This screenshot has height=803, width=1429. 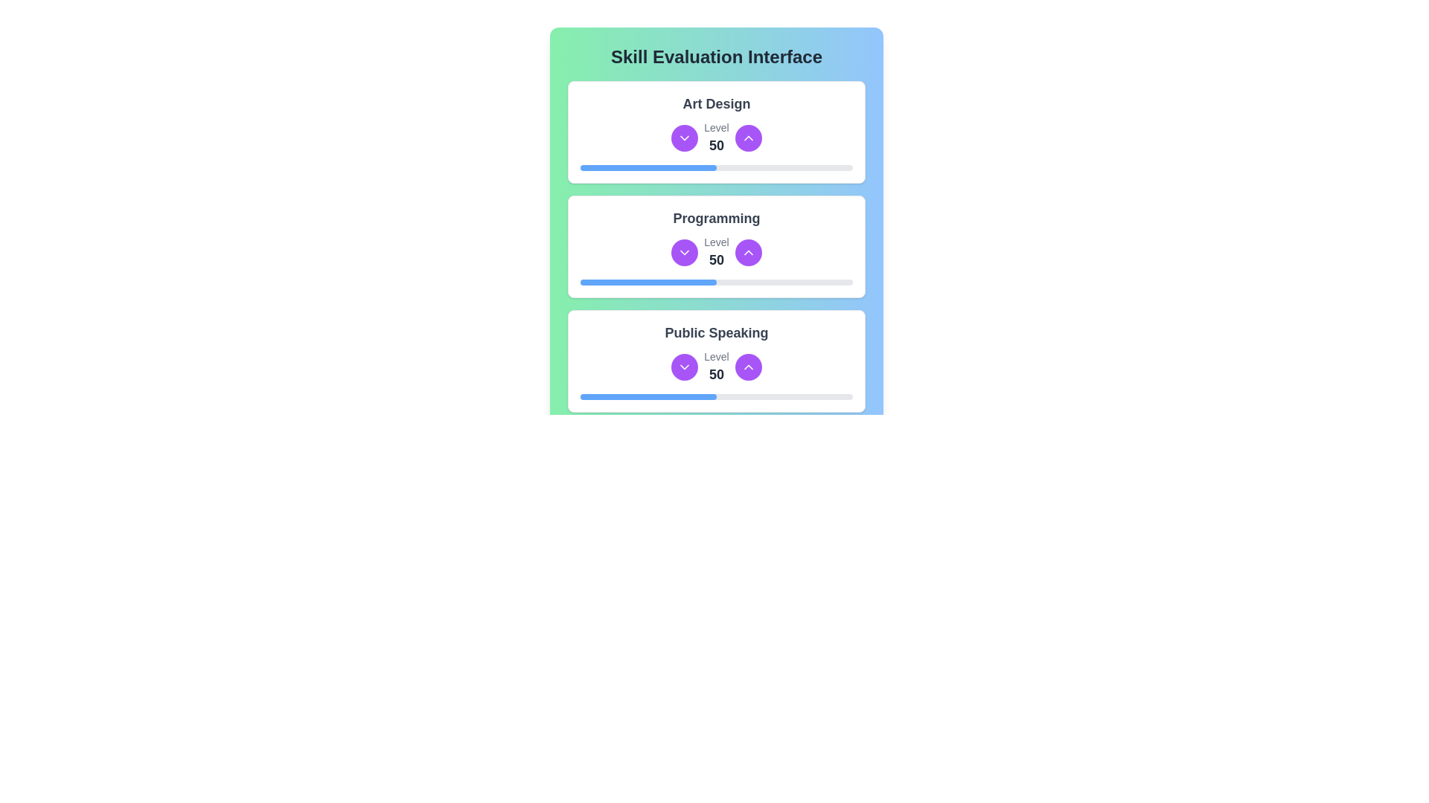 I want to click on the progress bar that visually represents the proficiency level of the 'Public Speaking' skill, located at the bottom of the skill card beneath the 'Level 50' text, so click(x=717, y=396).